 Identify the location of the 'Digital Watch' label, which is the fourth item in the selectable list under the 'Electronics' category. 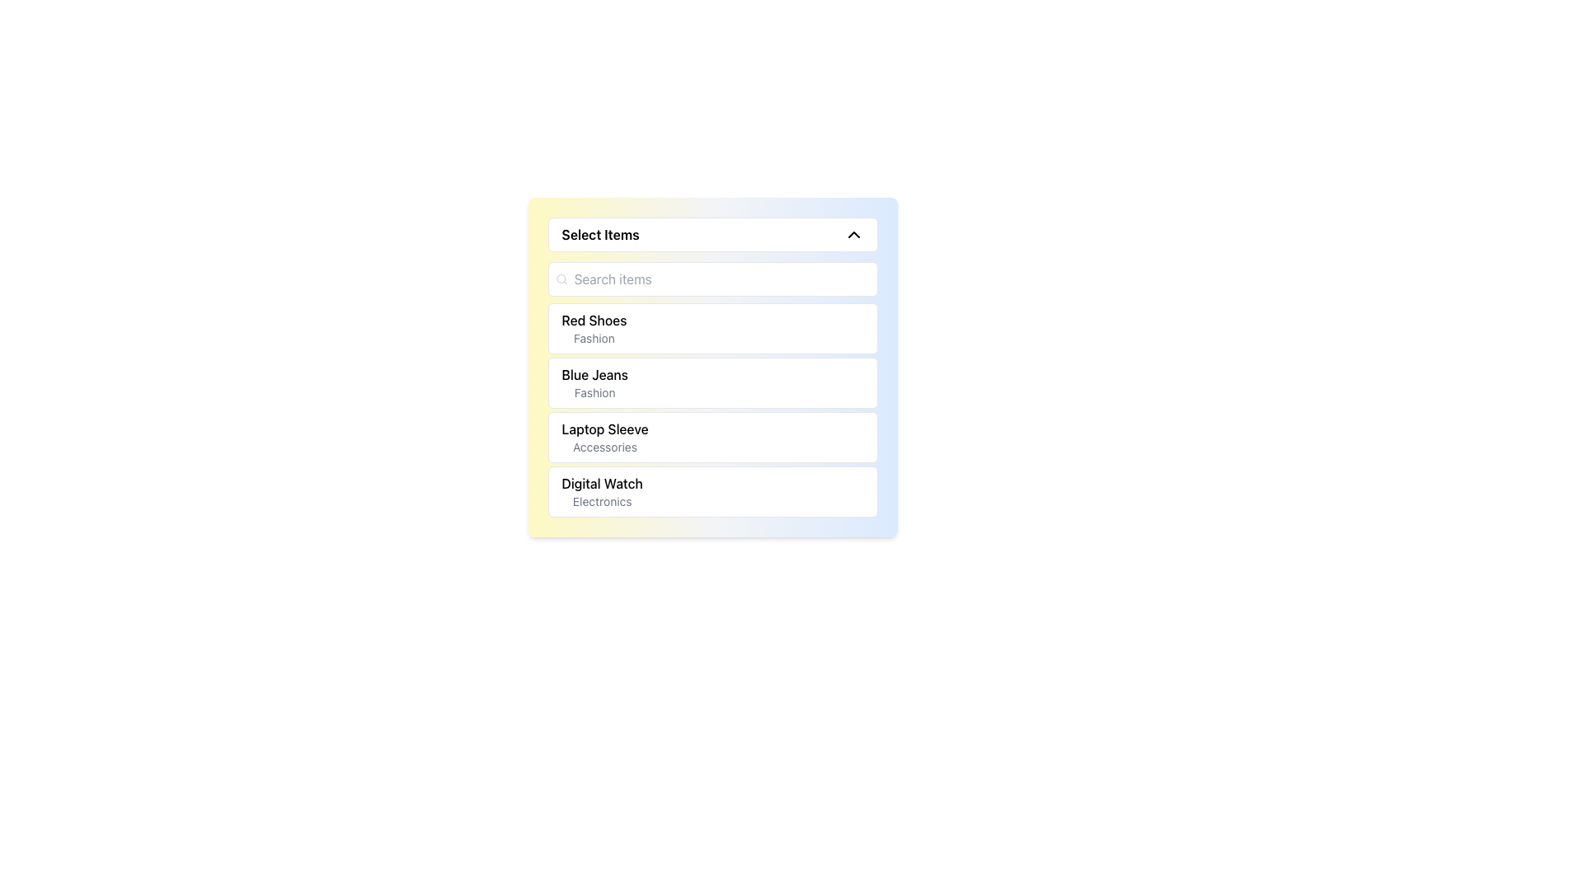
(601, 491).